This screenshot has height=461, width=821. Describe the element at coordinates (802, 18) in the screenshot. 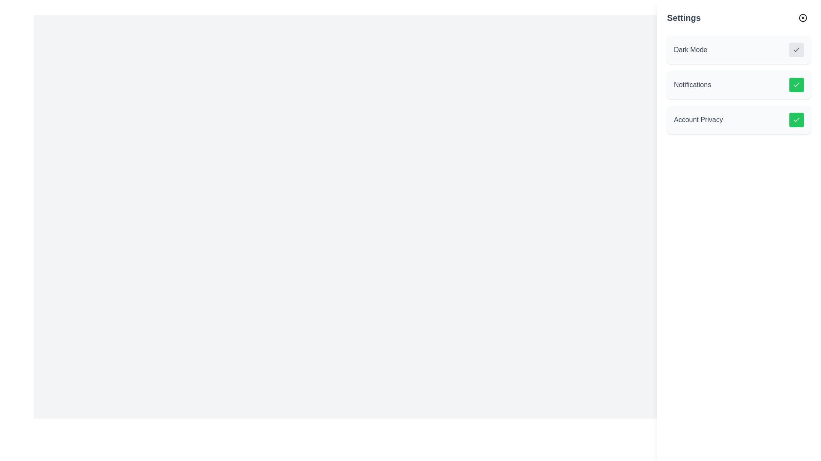

I see `the circular graphical element outlined in black, which is part of the 'X' icon located in the top-right corner of the Settings panel, if it is interactive` at that location.